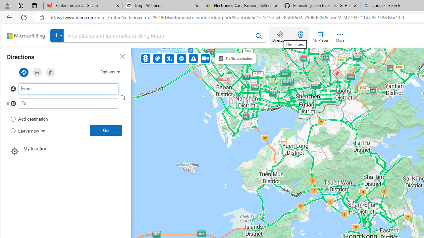 The height and width of the screenshot is (238, 424). I want to click on 'Go', so click(105, 130).